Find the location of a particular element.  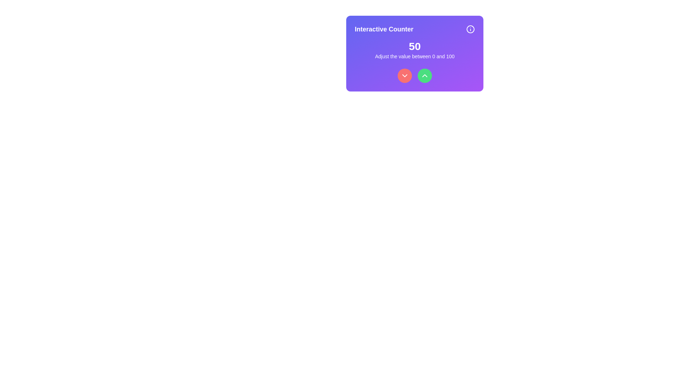

the information icon located in the top-right corner of the 'Interactive Counter' interface, which provides additional context is located at coordinates (470, 29).